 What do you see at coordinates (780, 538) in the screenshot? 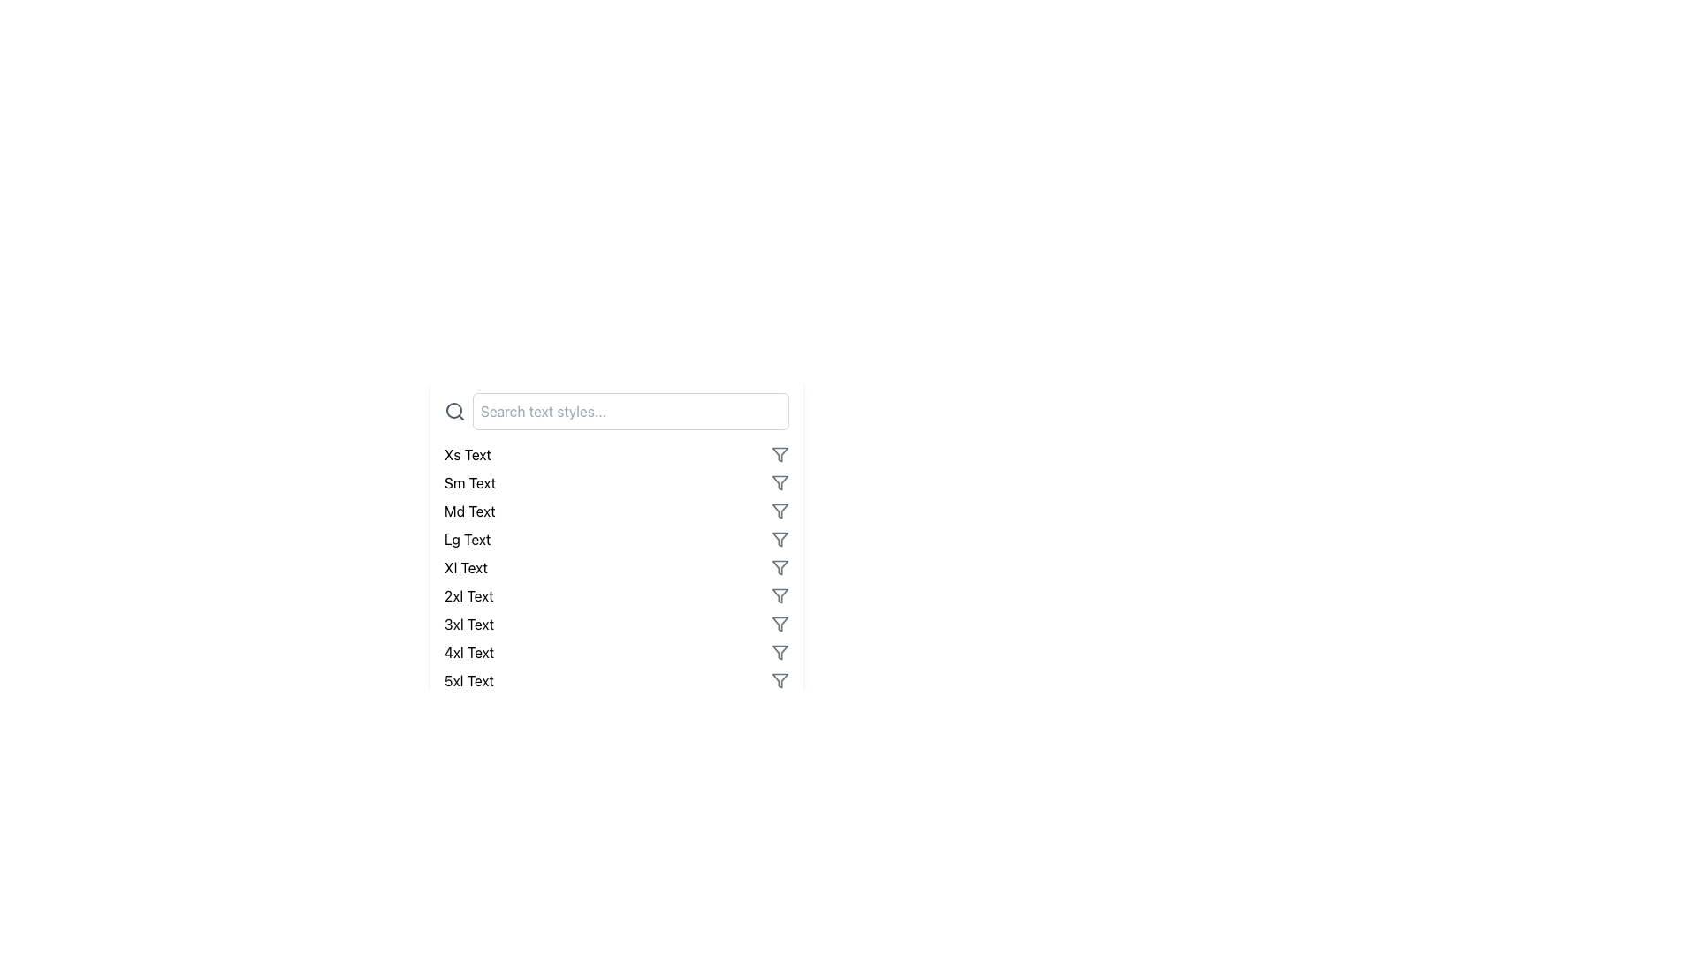
I see `the triangular filter icon on the right-hand side of the 'Lg Text' list item` at bounding box center [780, 538].